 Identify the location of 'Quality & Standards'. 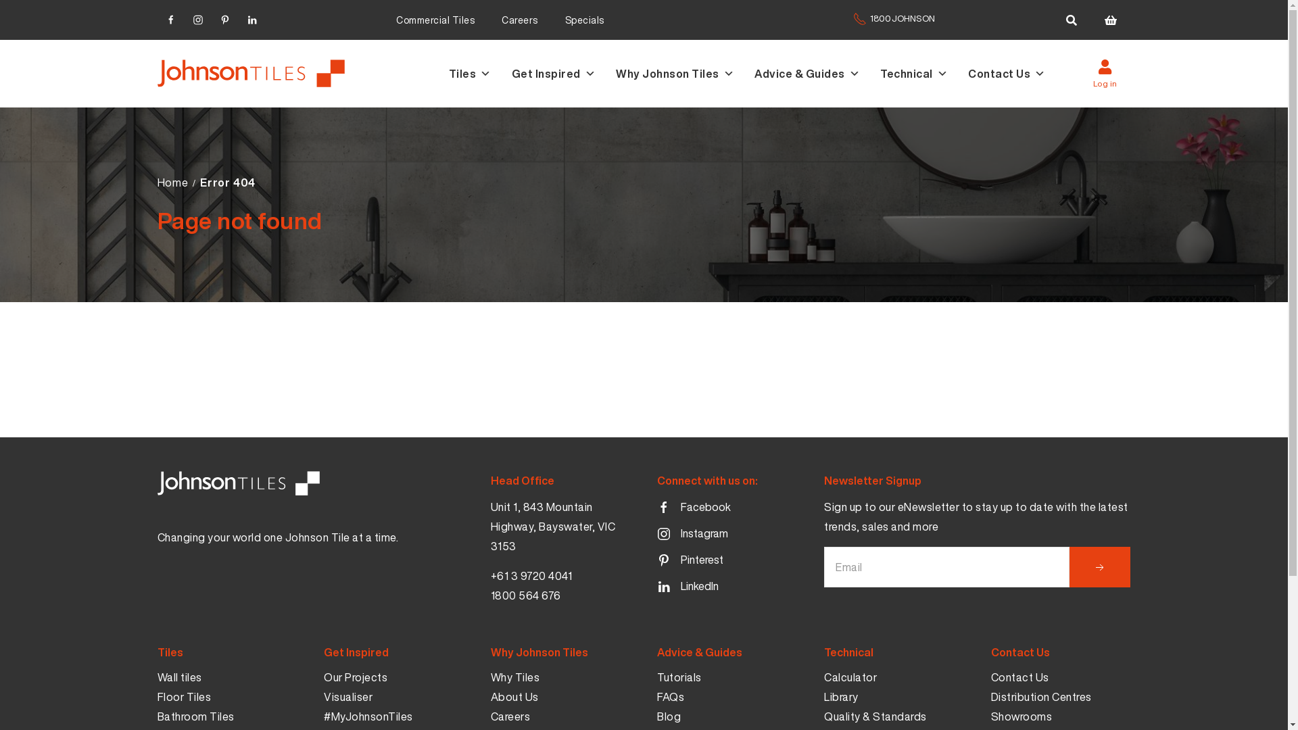
(875, 716).